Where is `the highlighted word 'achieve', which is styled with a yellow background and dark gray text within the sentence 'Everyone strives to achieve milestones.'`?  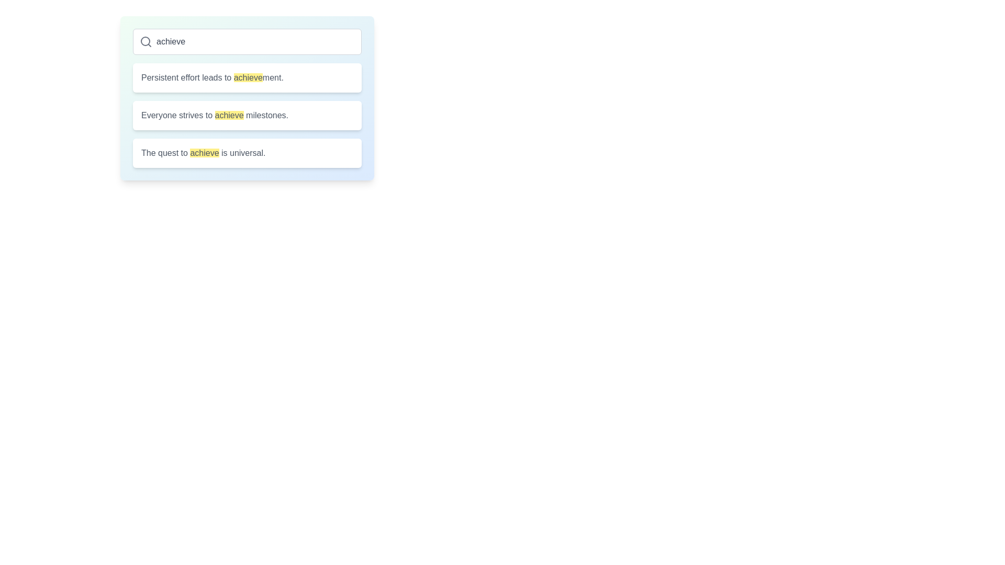
the highlighted word 'achieve', which is styled with a yellow background and dark gray text within the sentence 'Everyone strives to achieve milestones.' is located at coordinates (229, 115).